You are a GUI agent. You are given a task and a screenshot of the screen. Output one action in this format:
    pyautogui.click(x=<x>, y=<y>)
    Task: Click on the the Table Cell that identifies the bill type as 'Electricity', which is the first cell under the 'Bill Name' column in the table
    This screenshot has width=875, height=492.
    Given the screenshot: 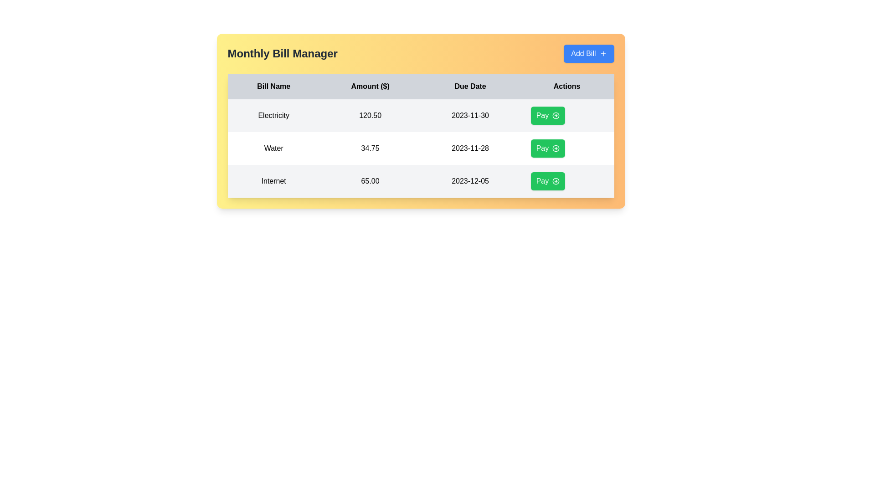 What is the action you would take?
    pyautogui.click(x=273, y=115)
    